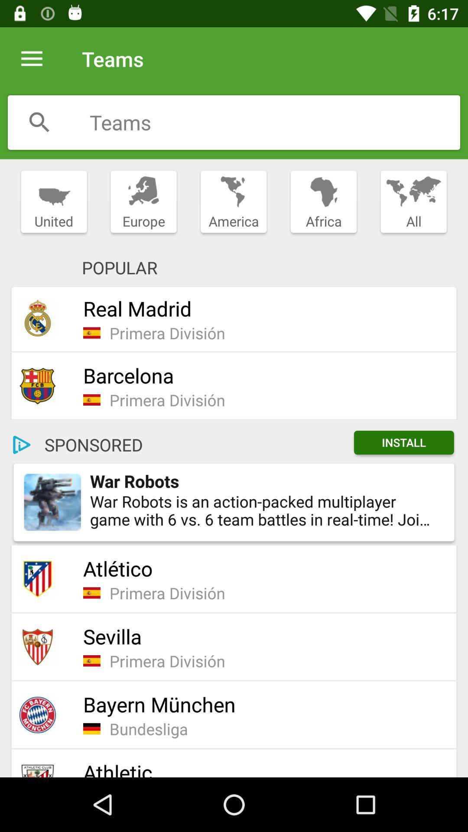  What do you see at coordinates (143, 202) in the screenshot?
I see `the item next to the united states item` at bounding box center [143, 202].